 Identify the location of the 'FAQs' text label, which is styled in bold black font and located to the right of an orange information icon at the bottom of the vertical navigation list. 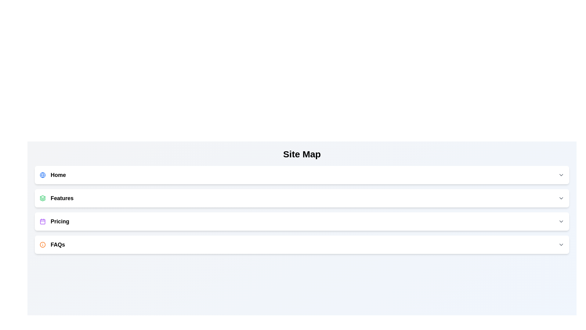
(58, 244).